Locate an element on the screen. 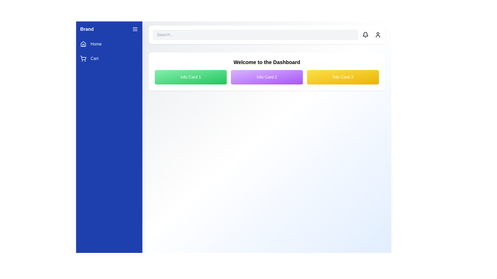 The height and width of the screenshot is (279, 497). the search bar and type the query 'example' is located at coordinates (255, 35).